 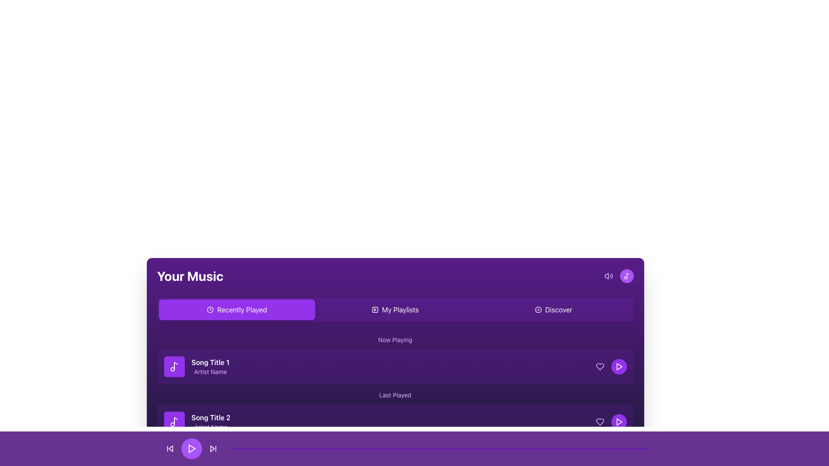 I want to click on the 'My Playlists' text label within the interactive button, so click(x=400, y=309).